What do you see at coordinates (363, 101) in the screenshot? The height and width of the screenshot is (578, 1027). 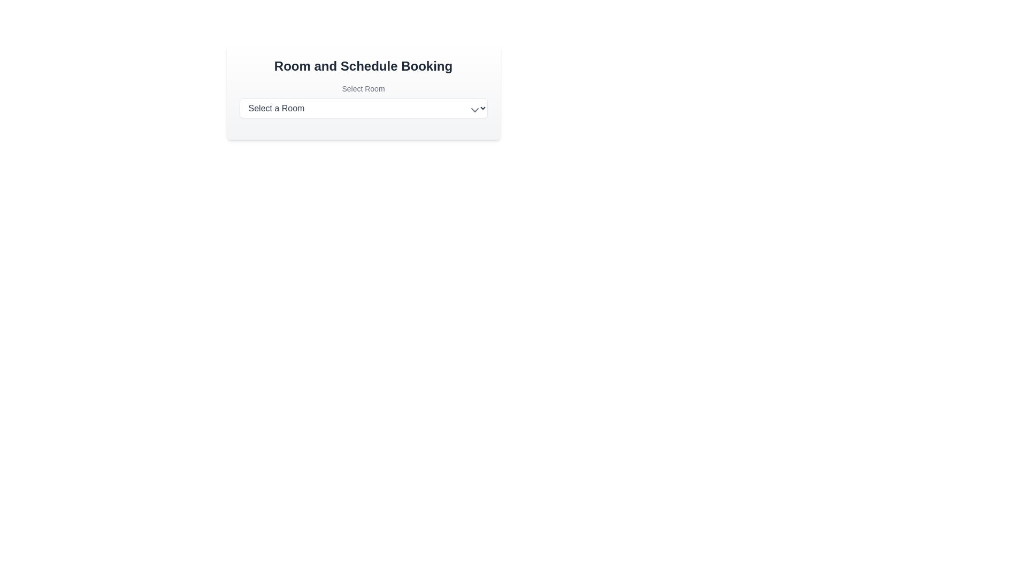 I see `the 'Select Room' dropdown input field to indicate selection` at bounding box center [363, 101].